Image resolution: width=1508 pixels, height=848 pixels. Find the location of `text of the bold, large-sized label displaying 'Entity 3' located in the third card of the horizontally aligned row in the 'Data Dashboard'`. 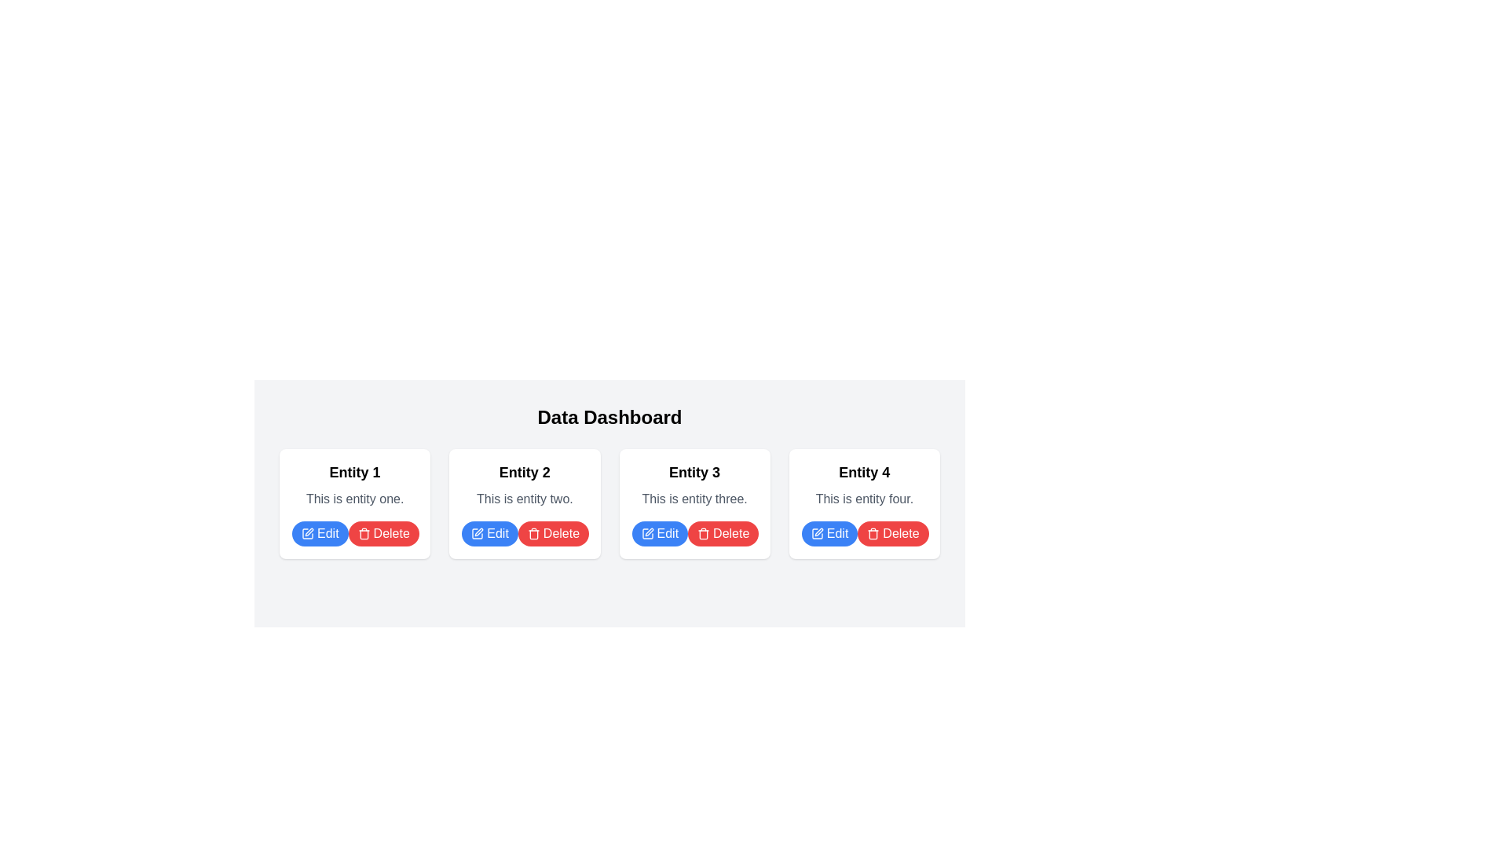

text of the bold, large-sized label displaying 'Entity 3' located in the third card of the horizontally aligned row in the 'Data Dashboard' is located at coordinates (694, 471).